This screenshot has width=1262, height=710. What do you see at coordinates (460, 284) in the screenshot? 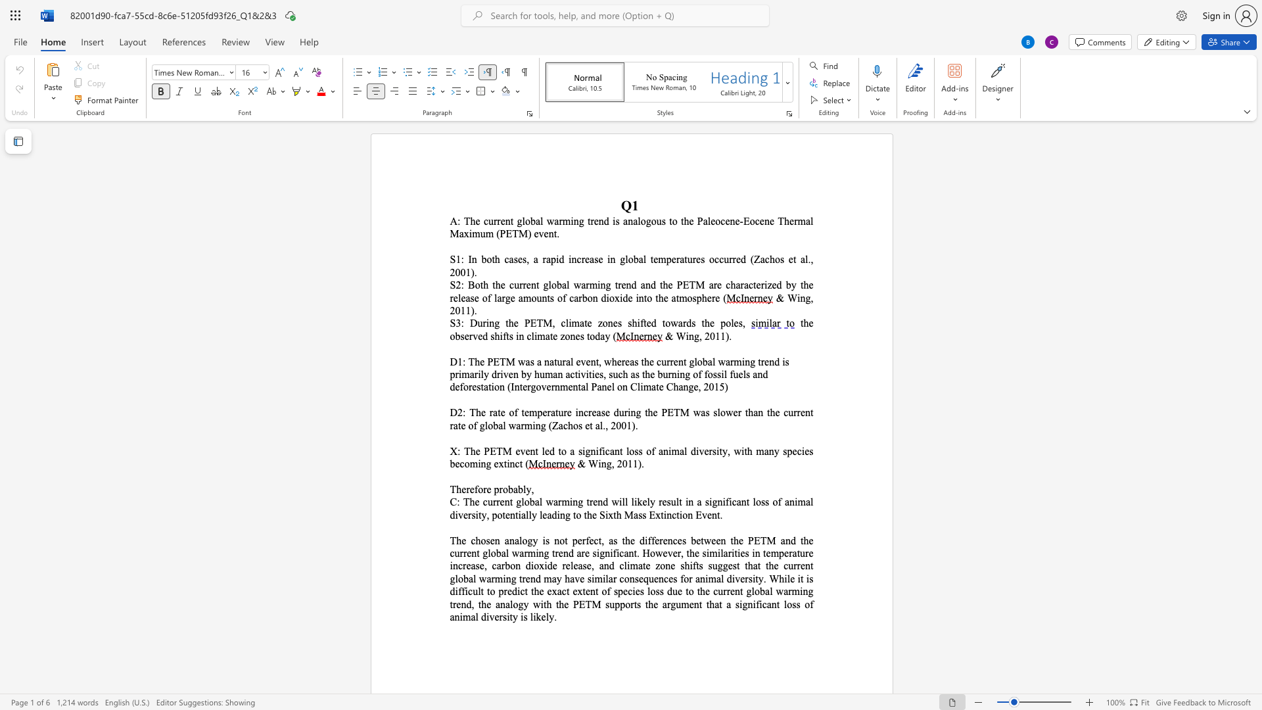
I see `the space between the continuous character "2" and ":" in the text` at bounding box center [460, 284].